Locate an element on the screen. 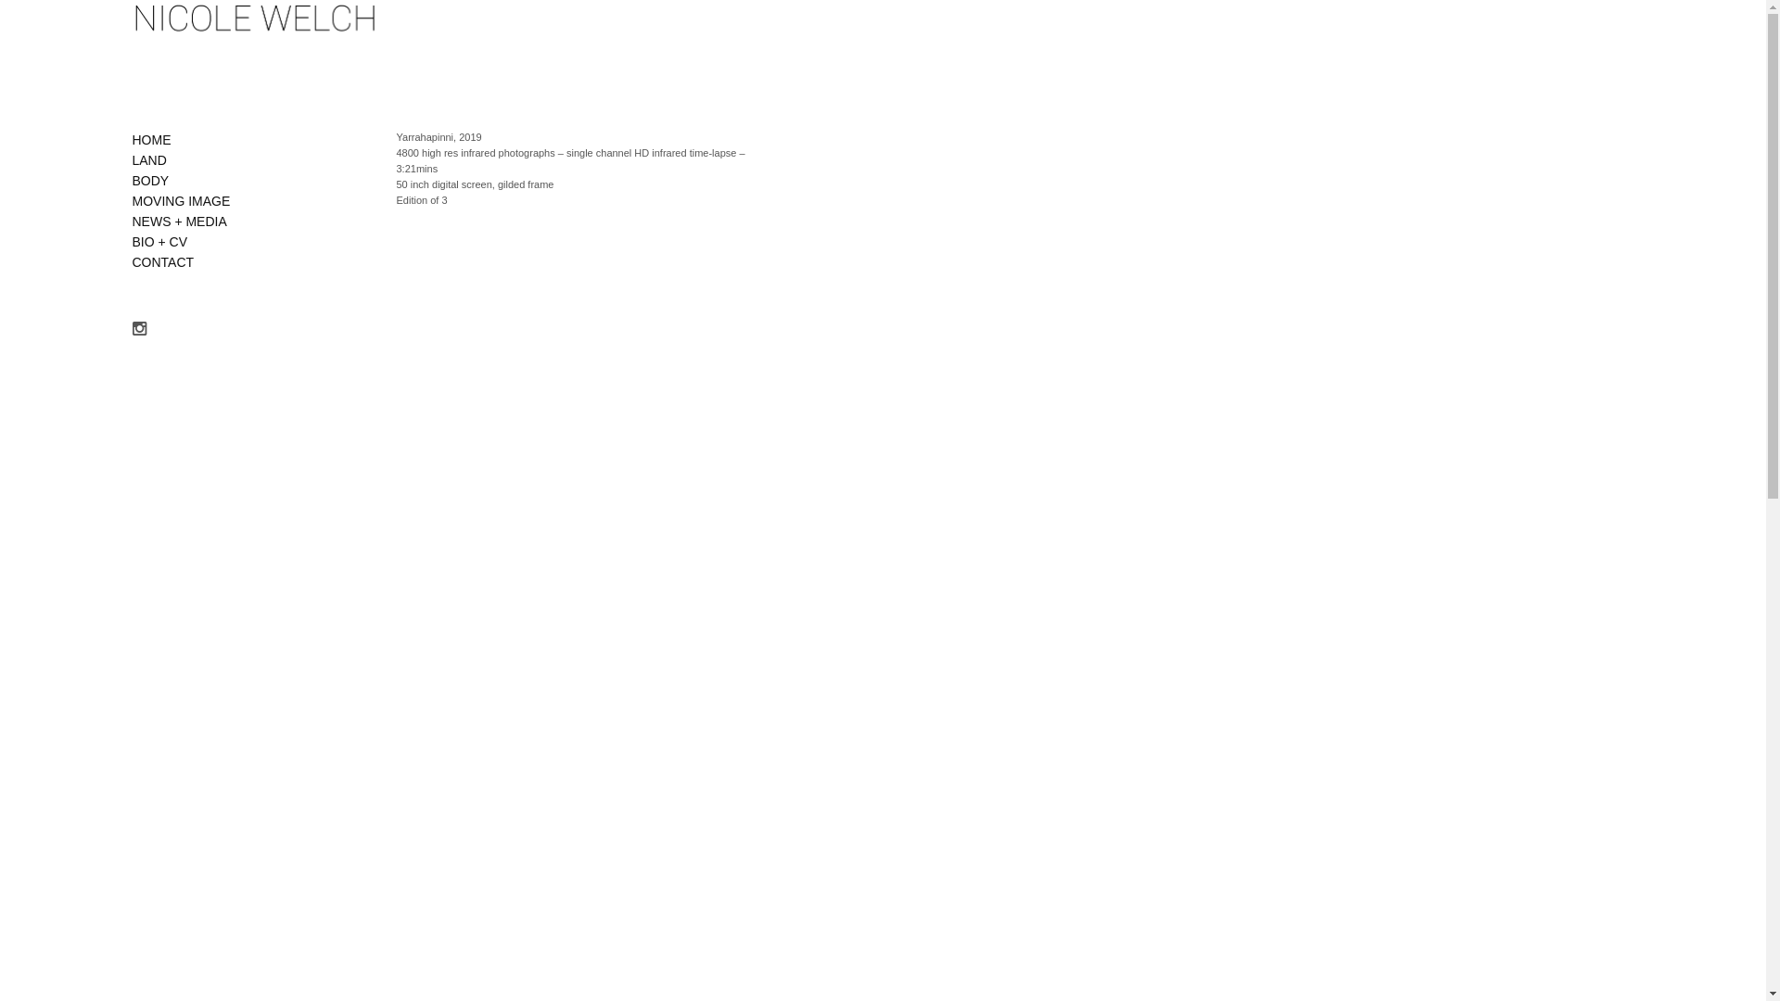 This screenshot has height=1001, width=1780. 'NEWS + MEDIA' is located at coordinates (178, 221).